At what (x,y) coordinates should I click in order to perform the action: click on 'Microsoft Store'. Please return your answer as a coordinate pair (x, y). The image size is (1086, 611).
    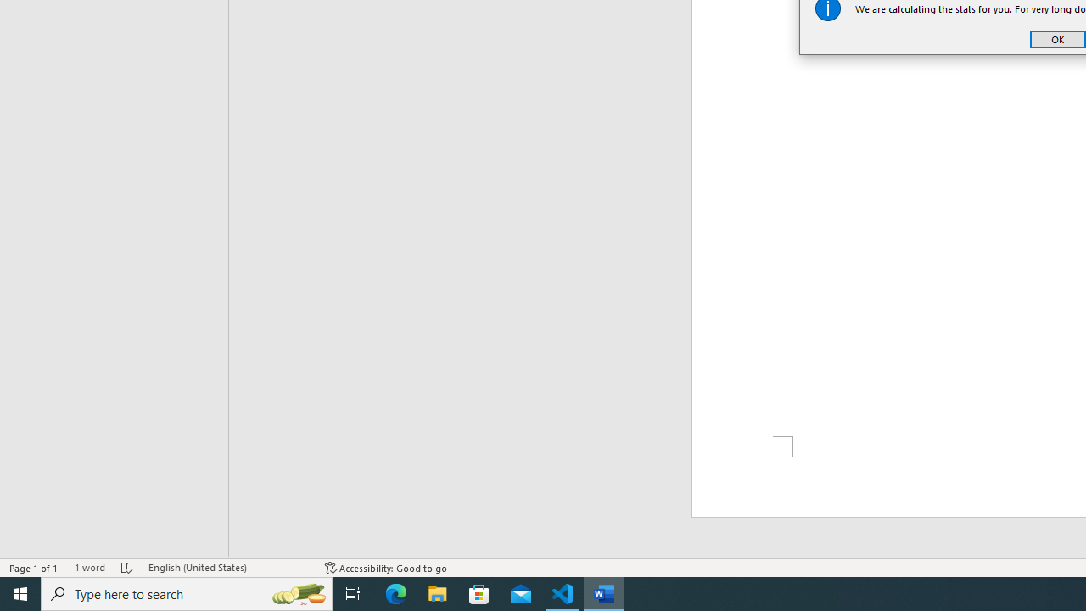
    Looking at the image, I should click on (479, 592).